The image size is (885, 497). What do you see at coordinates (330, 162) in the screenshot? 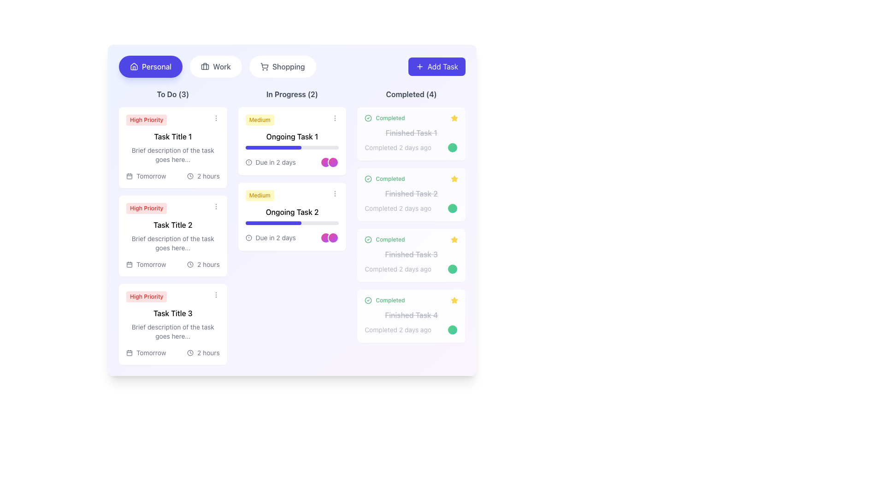
I see `the Avatar group element consisting of two overlapping circular avatars with a gradient color scheme transitioning from pink to purple, located in the bottom-right corner of the 'Ongoing Task 1' card` at bounding box center [330, 162].